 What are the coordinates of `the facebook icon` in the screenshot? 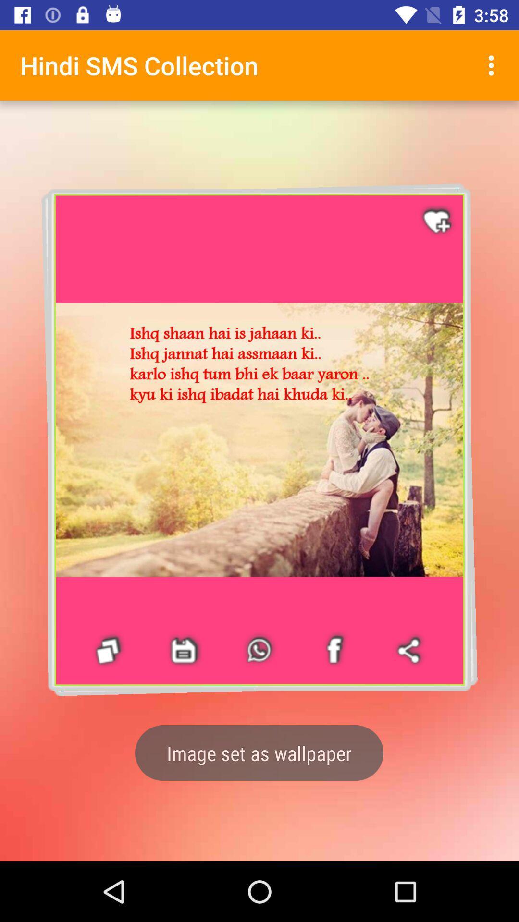 It's located at (334, 650).